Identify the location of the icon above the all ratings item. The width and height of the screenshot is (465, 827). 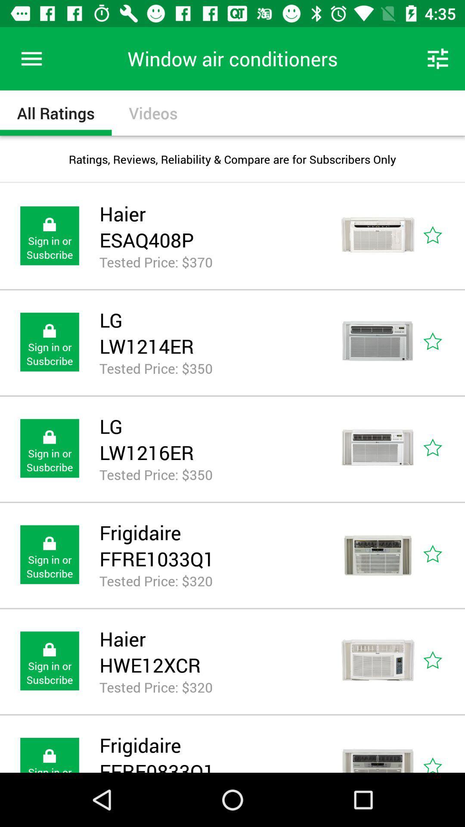
(31, 58).